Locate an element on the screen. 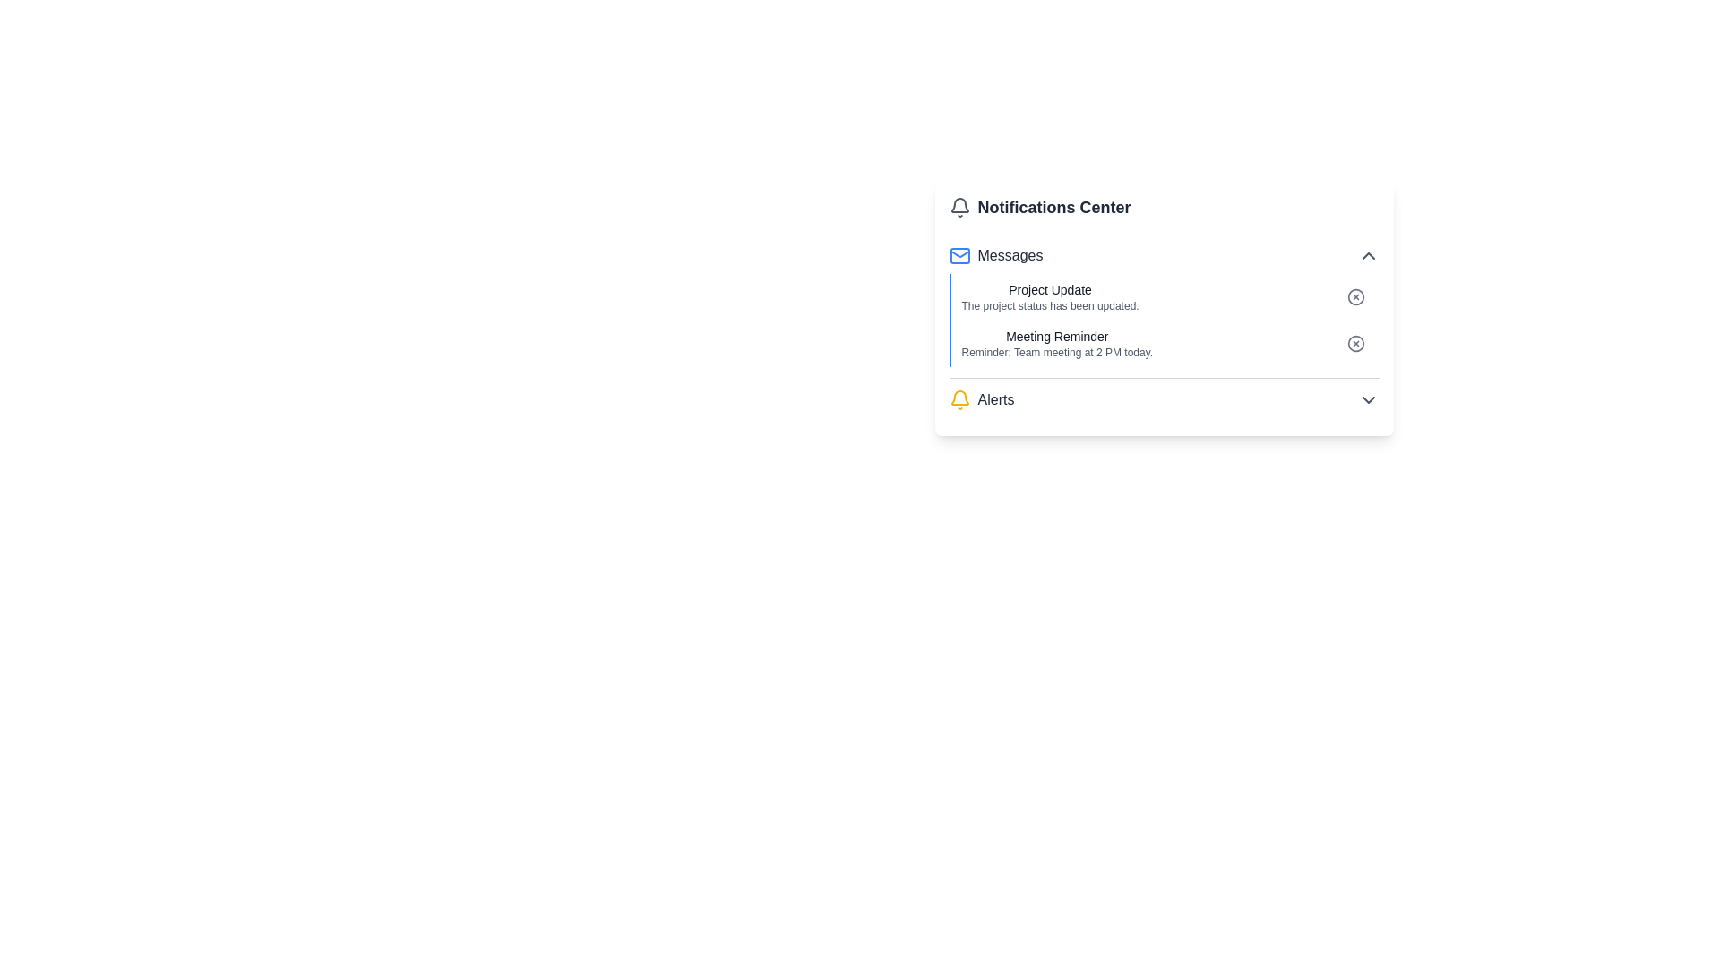 Image resolution: width=1720 pixels, height=967 pixels. the 'Messages' icon in the 'Notifications Center' to focus the corresponding section is located at coordinates (959, 255).